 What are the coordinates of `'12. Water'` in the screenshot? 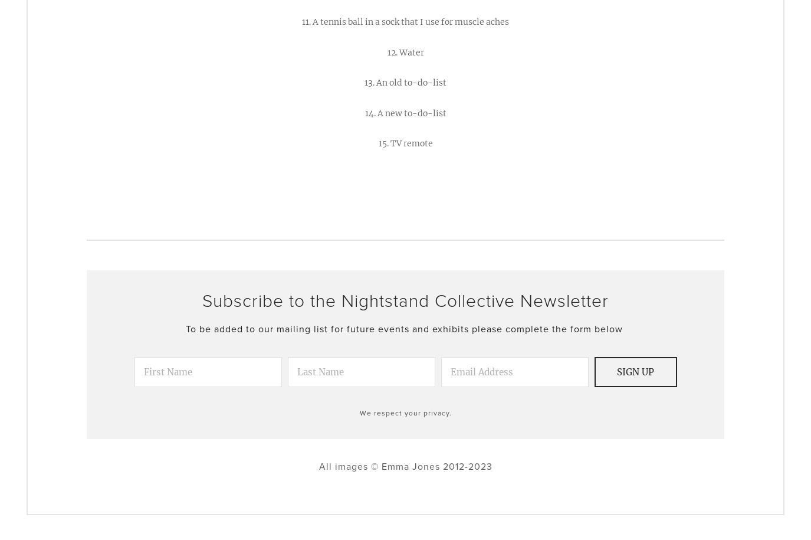 It's located at (404, 51).